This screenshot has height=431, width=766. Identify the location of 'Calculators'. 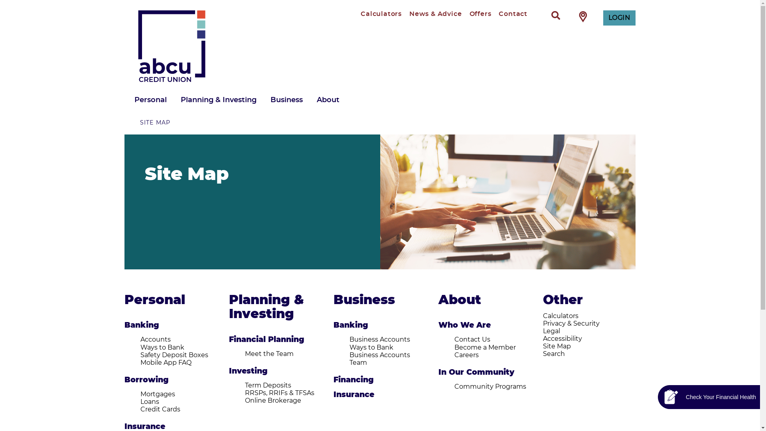
(560, 315).